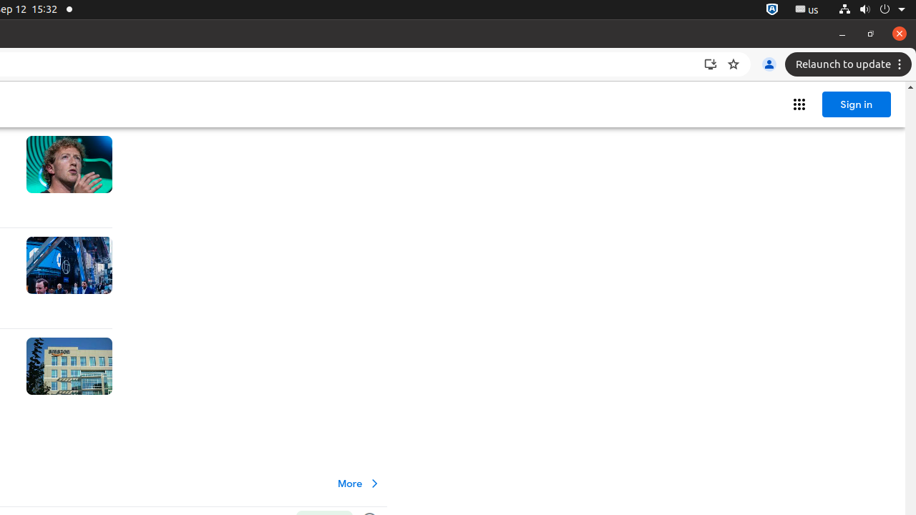 The image size is (916, 515). Describe the element at coordinates (711, 64) in the screenshot. I see `'Install Google Finance'` at that location.